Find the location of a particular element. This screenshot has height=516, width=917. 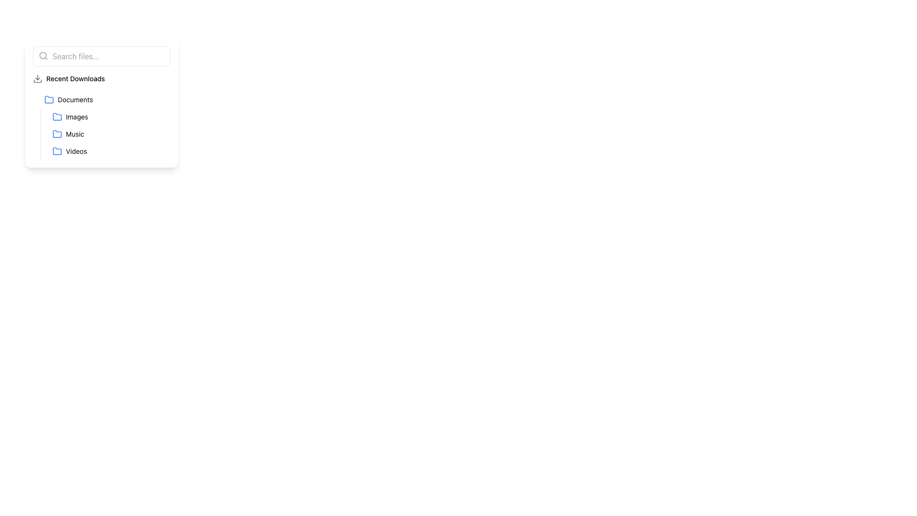

the search icon located at the top-left corner of the search input field, which symbolizes the search functionality is located at coordinates (43, 55).